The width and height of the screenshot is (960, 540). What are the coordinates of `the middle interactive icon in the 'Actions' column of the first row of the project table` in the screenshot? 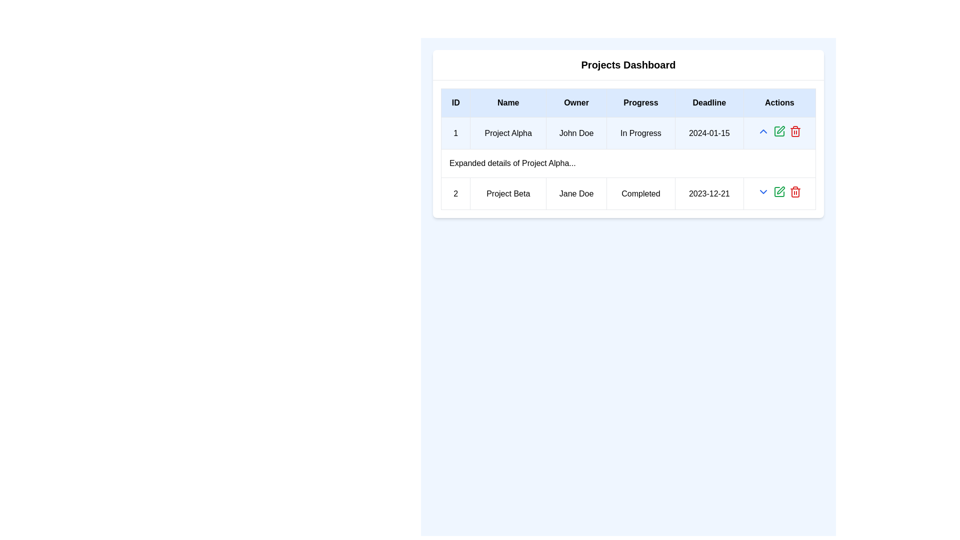 It's located at (779, 130).